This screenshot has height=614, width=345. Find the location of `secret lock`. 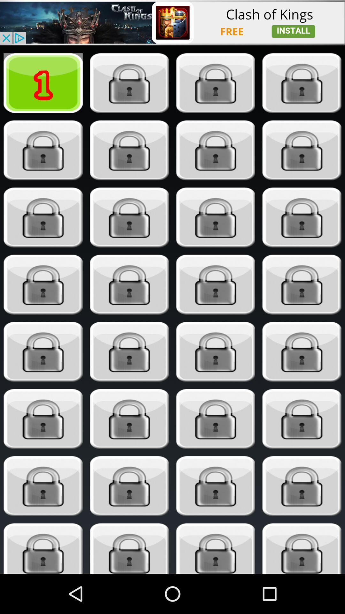

secret lock is located at coordinates (302, 83).